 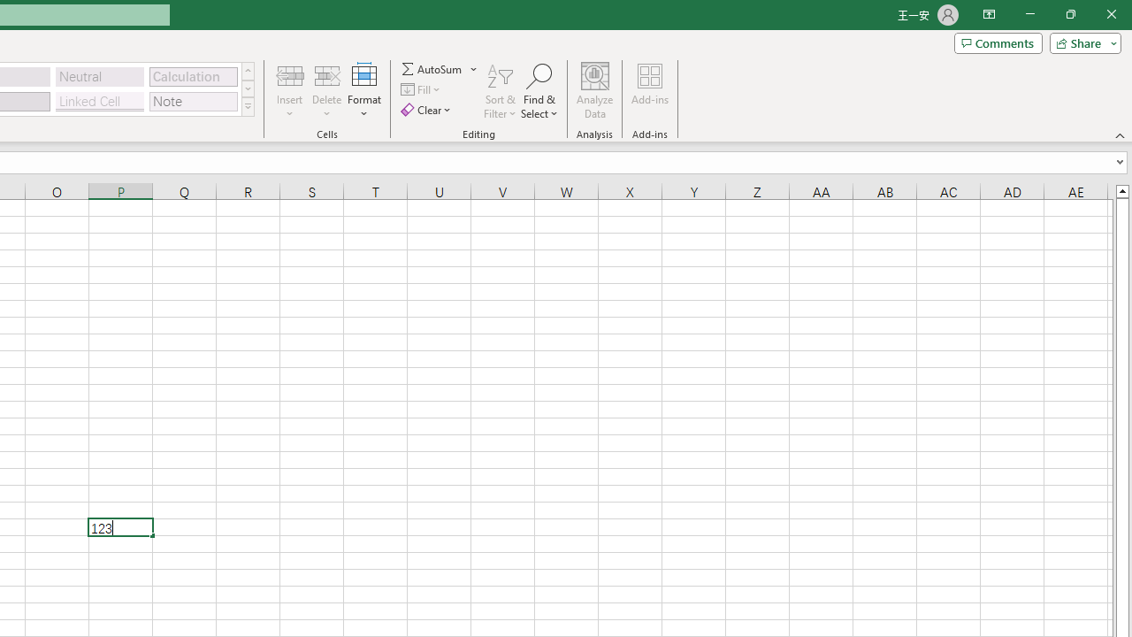 I want to click on 'Insert Cells', so click(x=290, y=74).